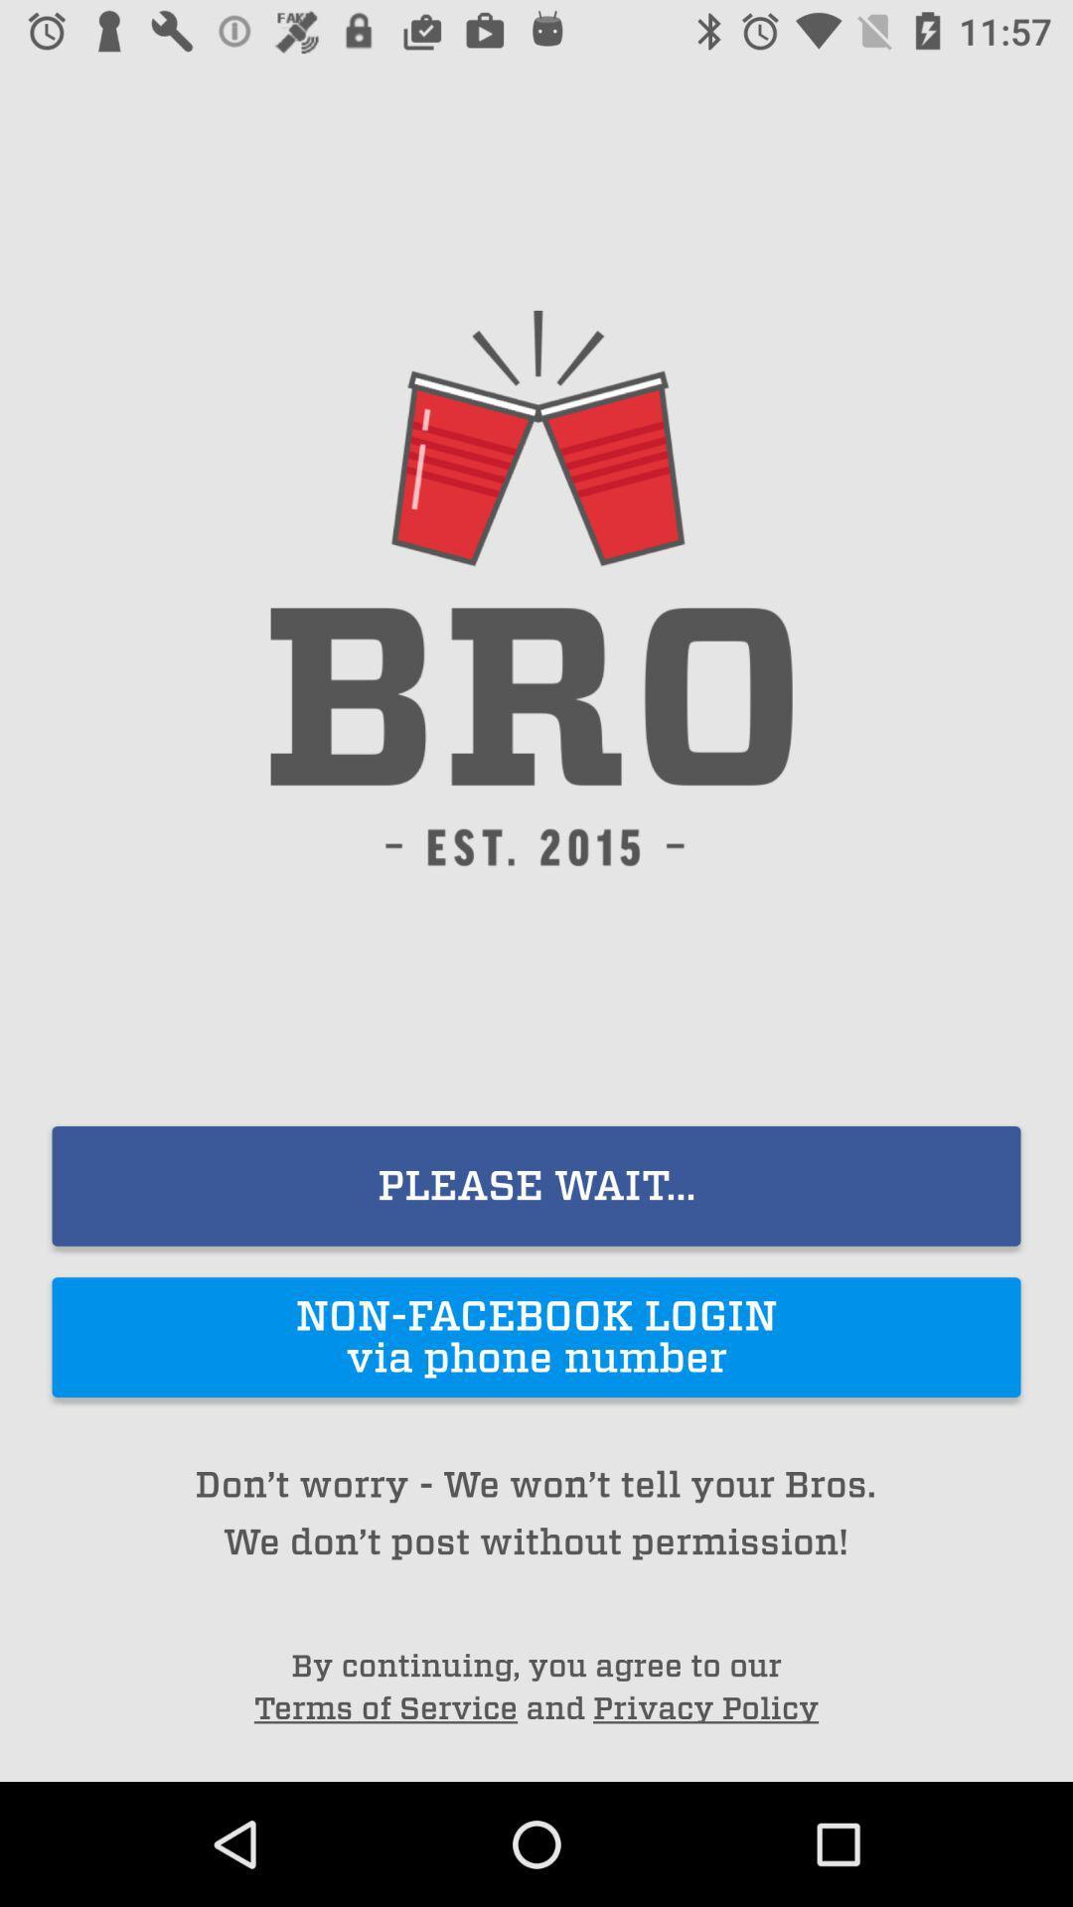 The width and height of the screenshot is (1073, 1907). Describe the element at coordinates (385, 1707) in the screenshot. I see `the item to the left of  and  item` at that location.